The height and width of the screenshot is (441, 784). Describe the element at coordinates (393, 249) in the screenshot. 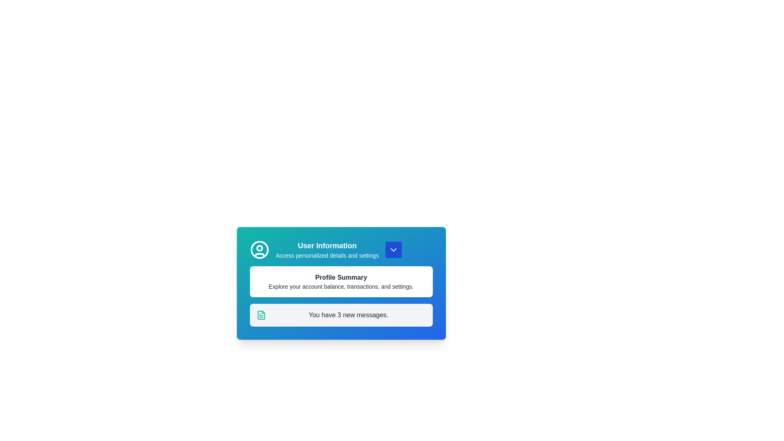

I see `the square-shaped blue button with a downward-pointing chevron icon` at that location.